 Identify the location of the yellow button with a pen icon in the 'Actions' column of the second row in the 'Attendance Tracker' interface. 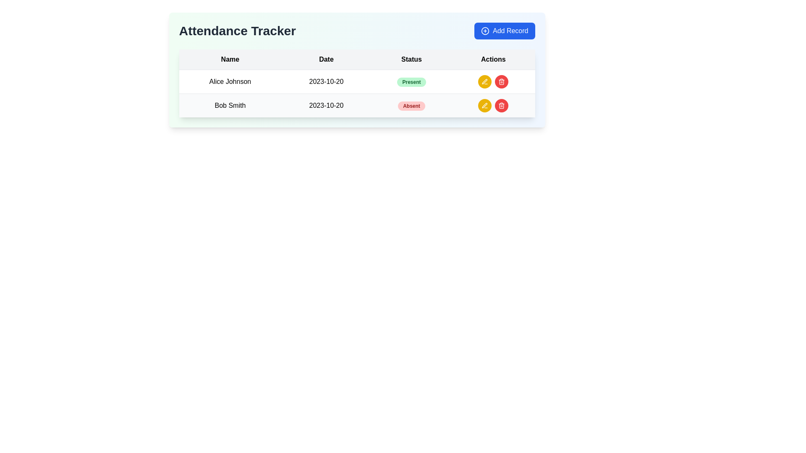
(485, 82).